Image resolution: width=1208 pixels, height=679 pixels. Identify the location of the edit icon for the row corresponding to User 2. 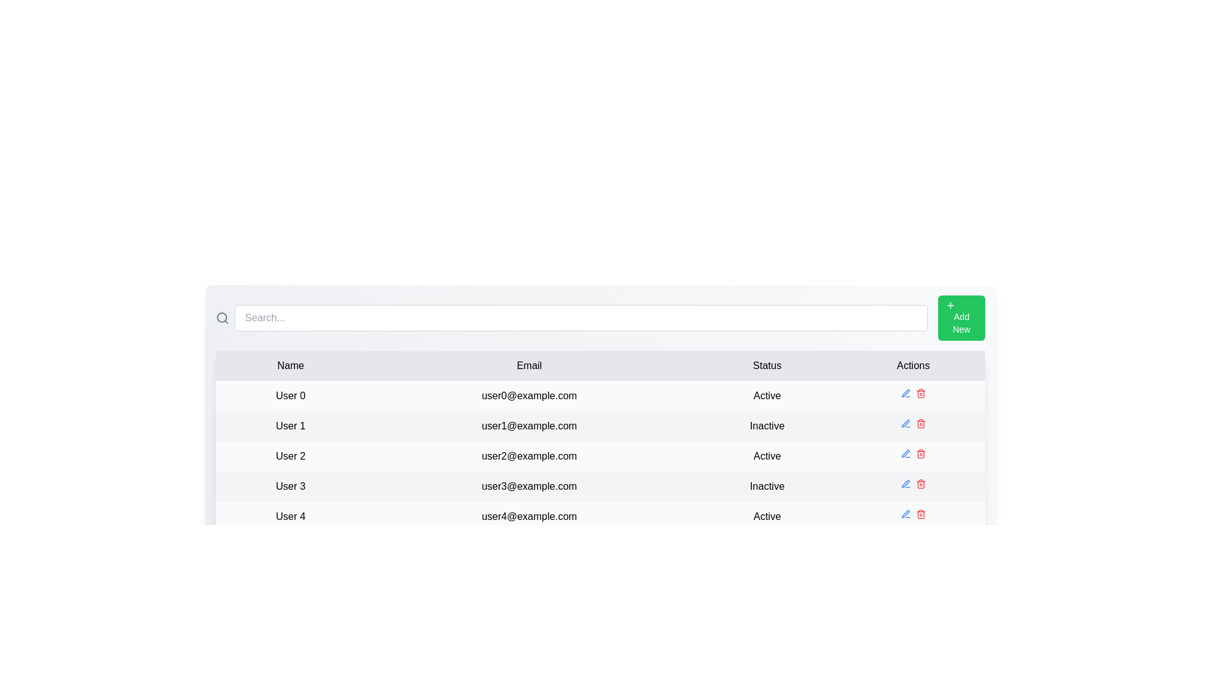
(905, 453).